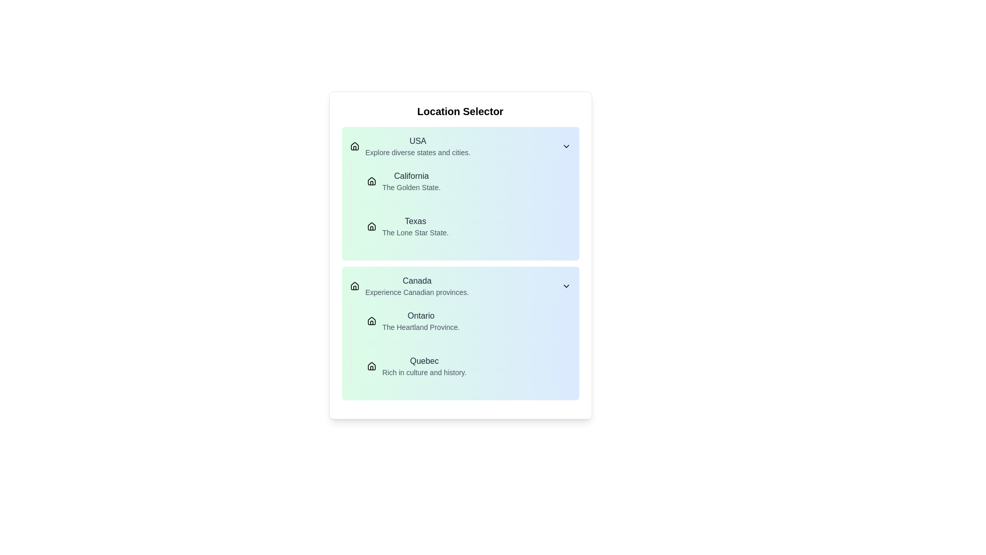 This screenshot has width=986, height=555. What do you see at coordinates (371, 320) in the screenshot?
I see `the house icon located in the 'Canada' section, adjacent to the text 'Ontario'` at bounding box center [371, 320].